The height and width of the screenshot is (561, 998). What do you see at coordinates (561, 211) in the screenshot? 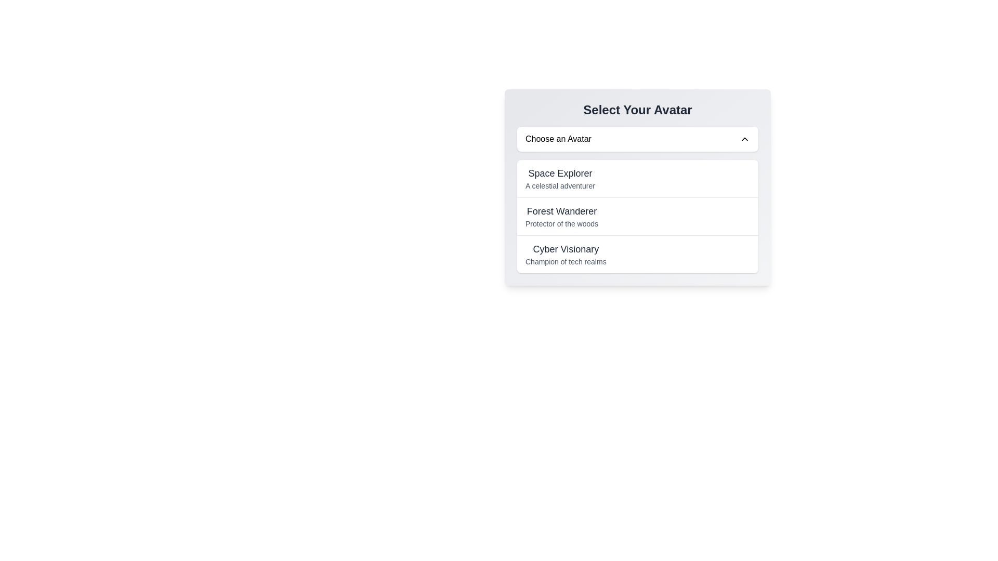
I see `the 'Forest Wanderer' title in the avatar selection dropdown, which is styled as a bold header and is the second item in the list` at bounding box center [561, 211].